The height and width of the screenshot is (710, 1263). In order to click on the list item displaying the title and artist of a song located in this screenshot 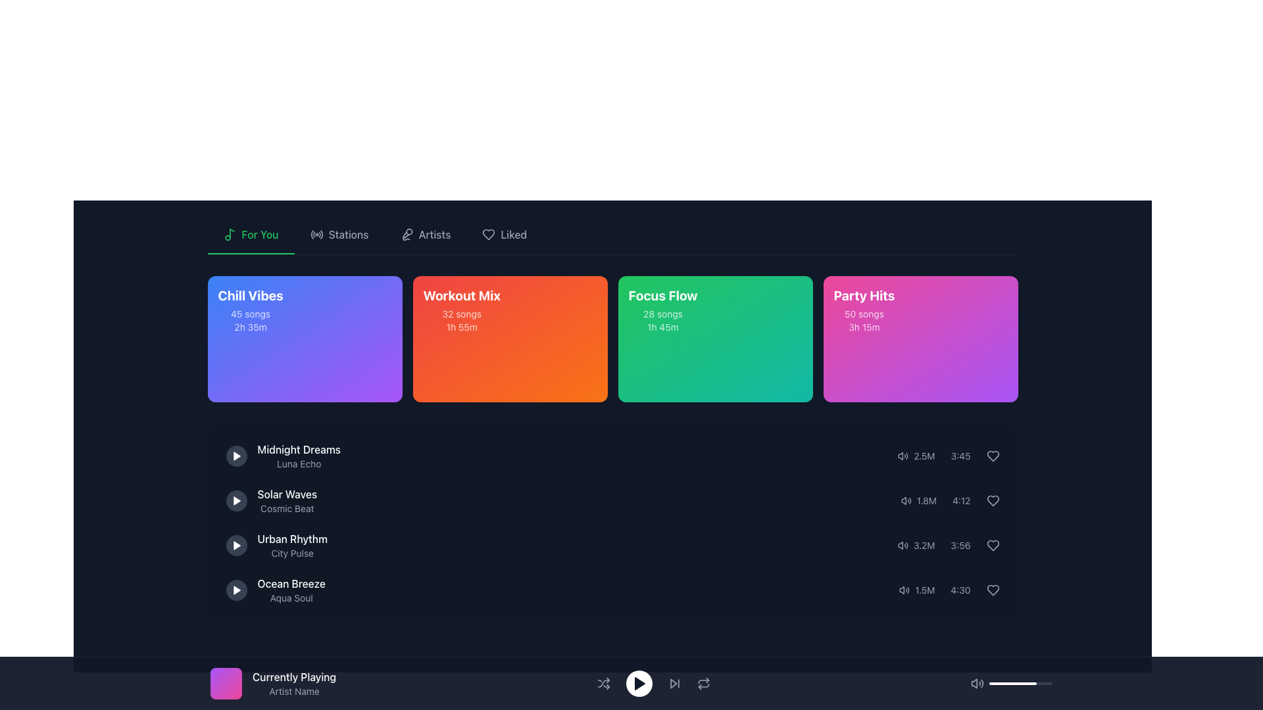, I will do `click(270, 501)`.